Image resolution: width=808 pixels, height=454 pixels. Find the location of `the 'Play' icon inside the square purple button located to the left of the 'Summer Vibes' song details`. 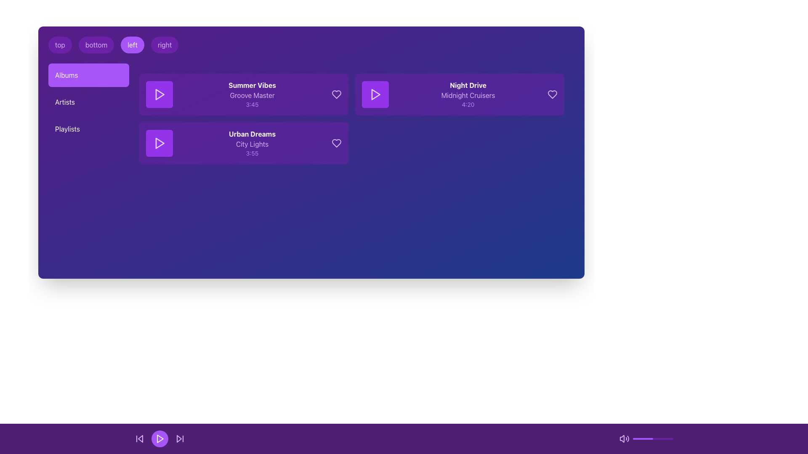

the 'Play' icon inside the square purple button located to the left of the 'Summer Vibes' song details is located at coordinates (159, 94).